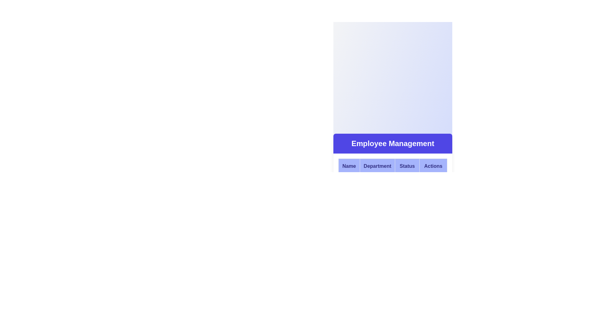  I want to click on the 'Employee Management' text label, which is a bold and extra-large white font on a vivid blue background, located centrally at the top of the interface, so click(392, 143).